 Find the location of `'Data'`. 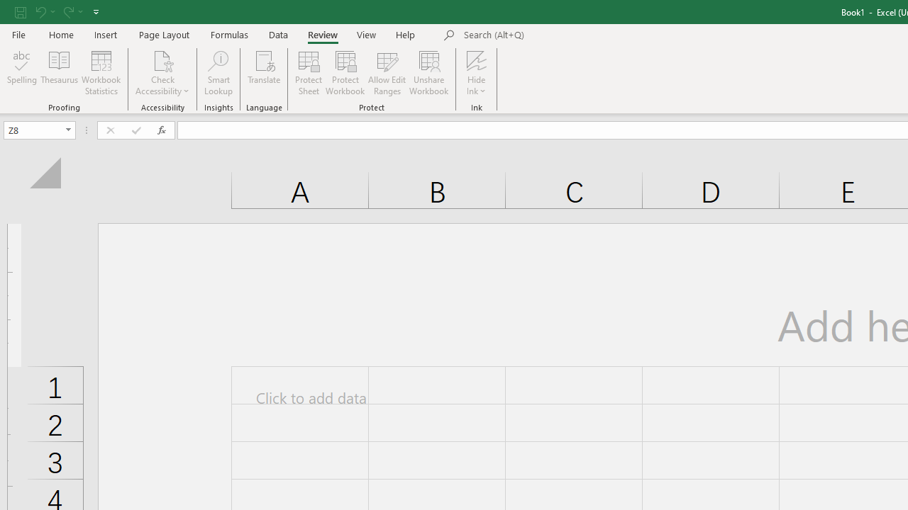

'Data' is located at coordinates (278, 34).